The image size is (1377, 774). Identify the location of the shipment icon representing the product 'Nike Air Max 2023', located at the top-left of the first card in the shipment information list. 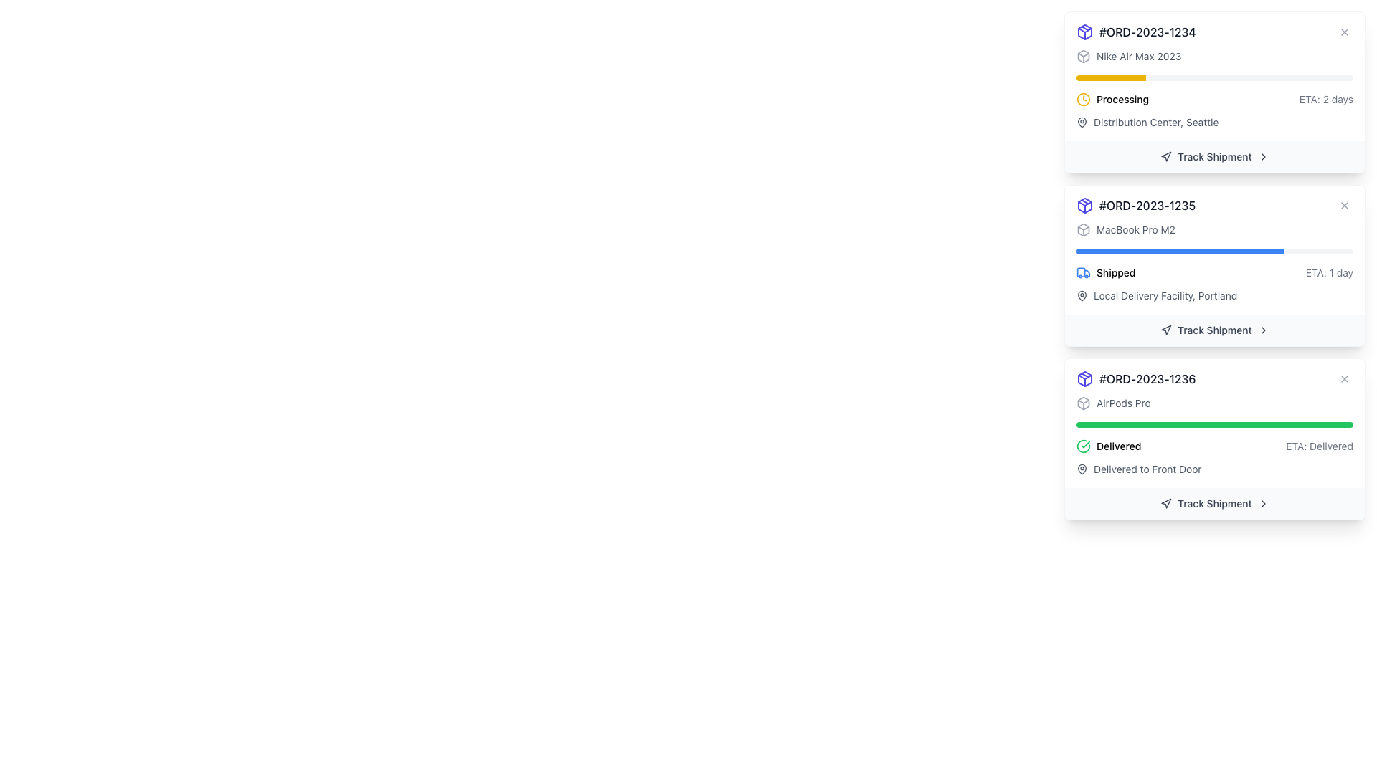
(1084, 55).